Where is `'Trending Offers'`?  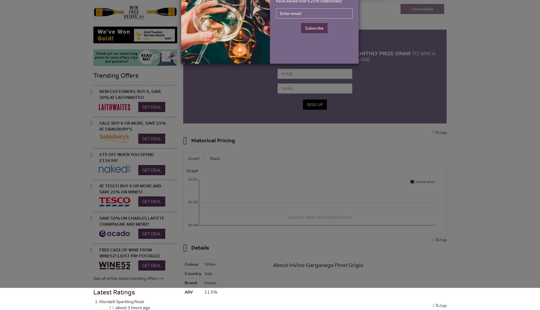 'Trending Offers' is located at coordinates (116, 75).